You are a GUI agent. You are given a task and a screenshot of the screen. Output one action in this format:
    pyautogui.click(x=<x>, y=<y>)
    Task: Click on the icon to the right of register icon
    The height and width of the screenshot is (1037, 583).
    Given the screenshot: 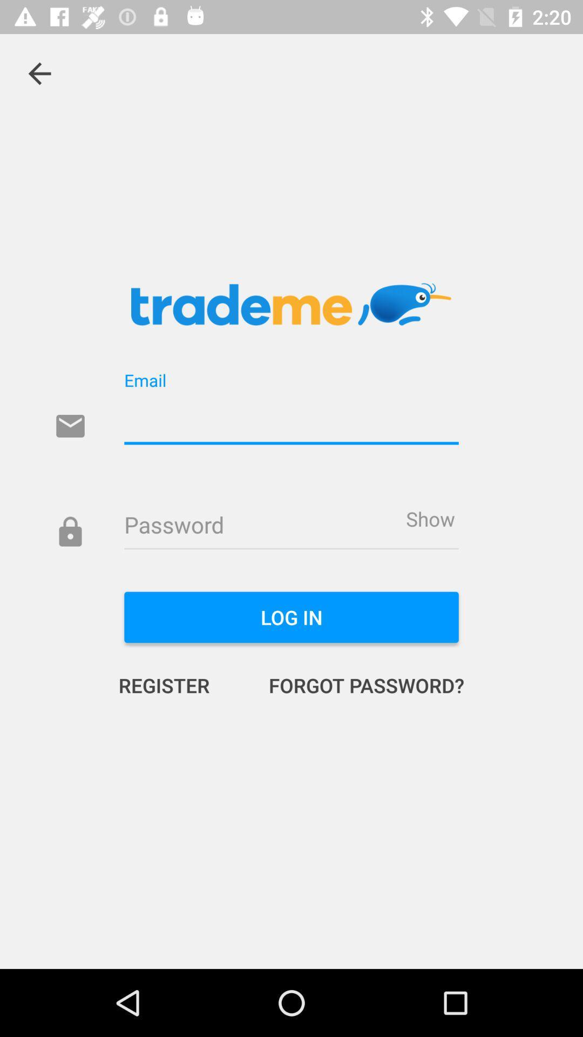 What is the action you would take?
    pyautogui.click(x=355, y=684)
    